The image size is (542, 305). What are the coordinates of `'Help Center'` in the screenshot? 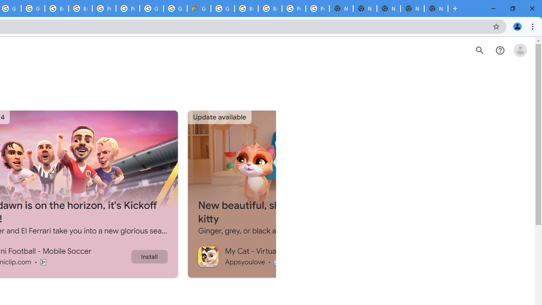 It's located at (500, 50).